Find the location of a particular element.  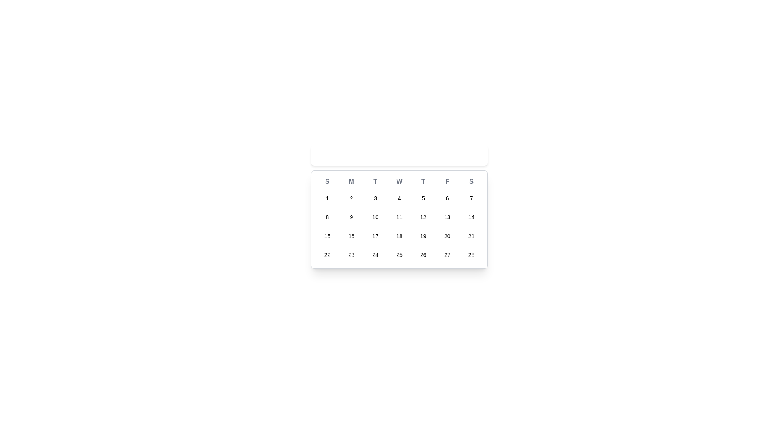

the date button '3' is located at coordinates (375, 198).